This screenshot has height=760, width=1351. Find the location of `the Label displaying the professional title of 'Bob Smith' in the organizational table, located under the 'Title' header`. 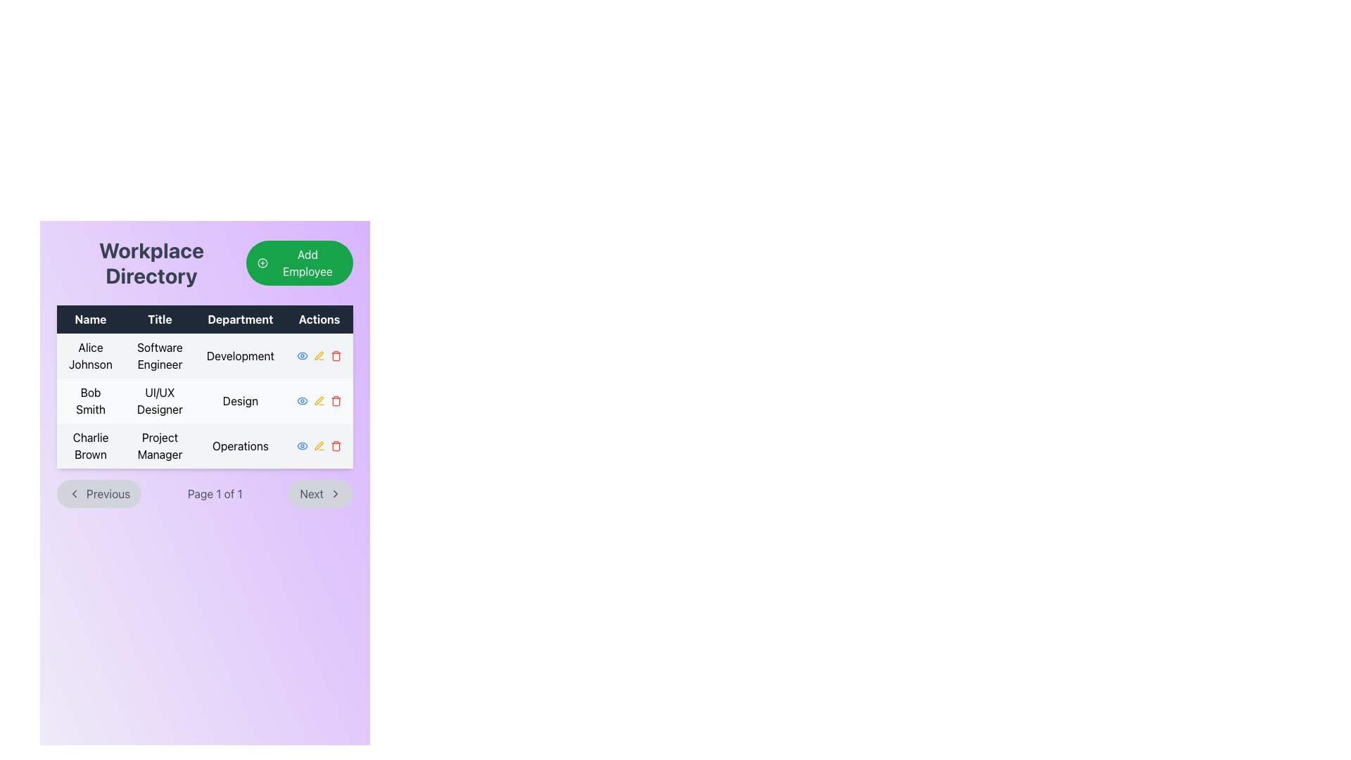

the Label displaying the professional title of 'Bob Smith' in the organizational table, located under the 'Title' header is located at coordinates (160, 401).